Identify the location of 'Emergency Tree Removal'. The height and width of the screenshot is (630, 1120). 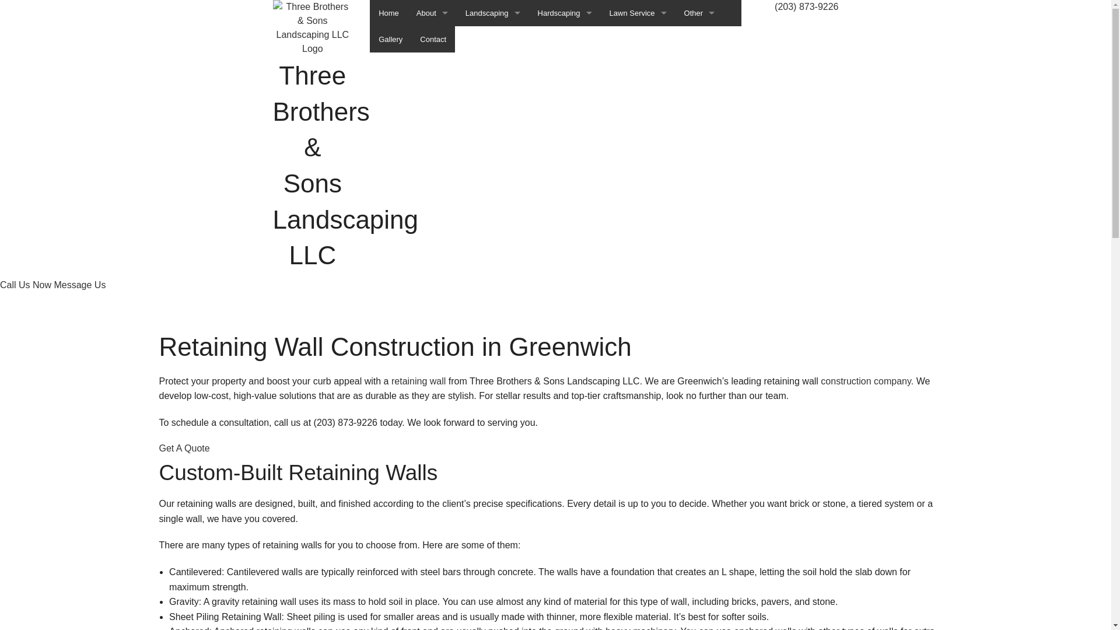
(675, 38).